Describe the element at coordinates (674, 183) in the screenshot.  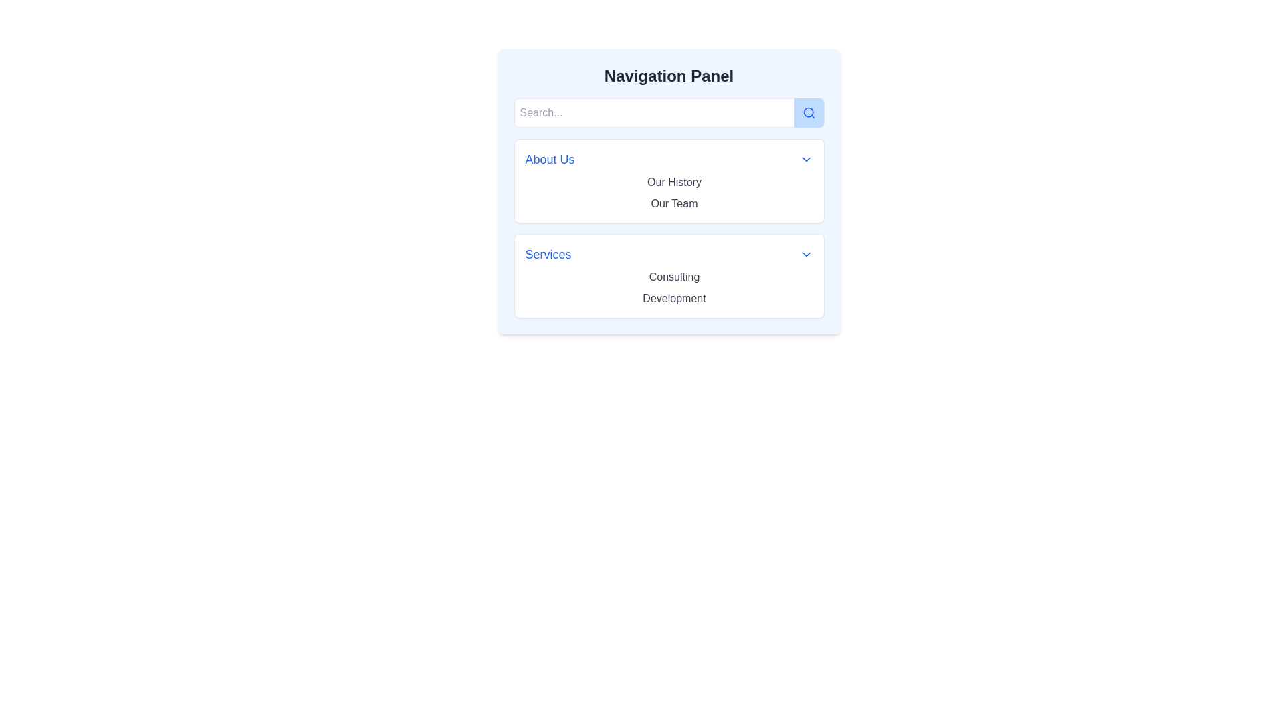
I see `the interactive text link labeled 'Our History' located in the 'About Us' section of the navigation panel` at that location.